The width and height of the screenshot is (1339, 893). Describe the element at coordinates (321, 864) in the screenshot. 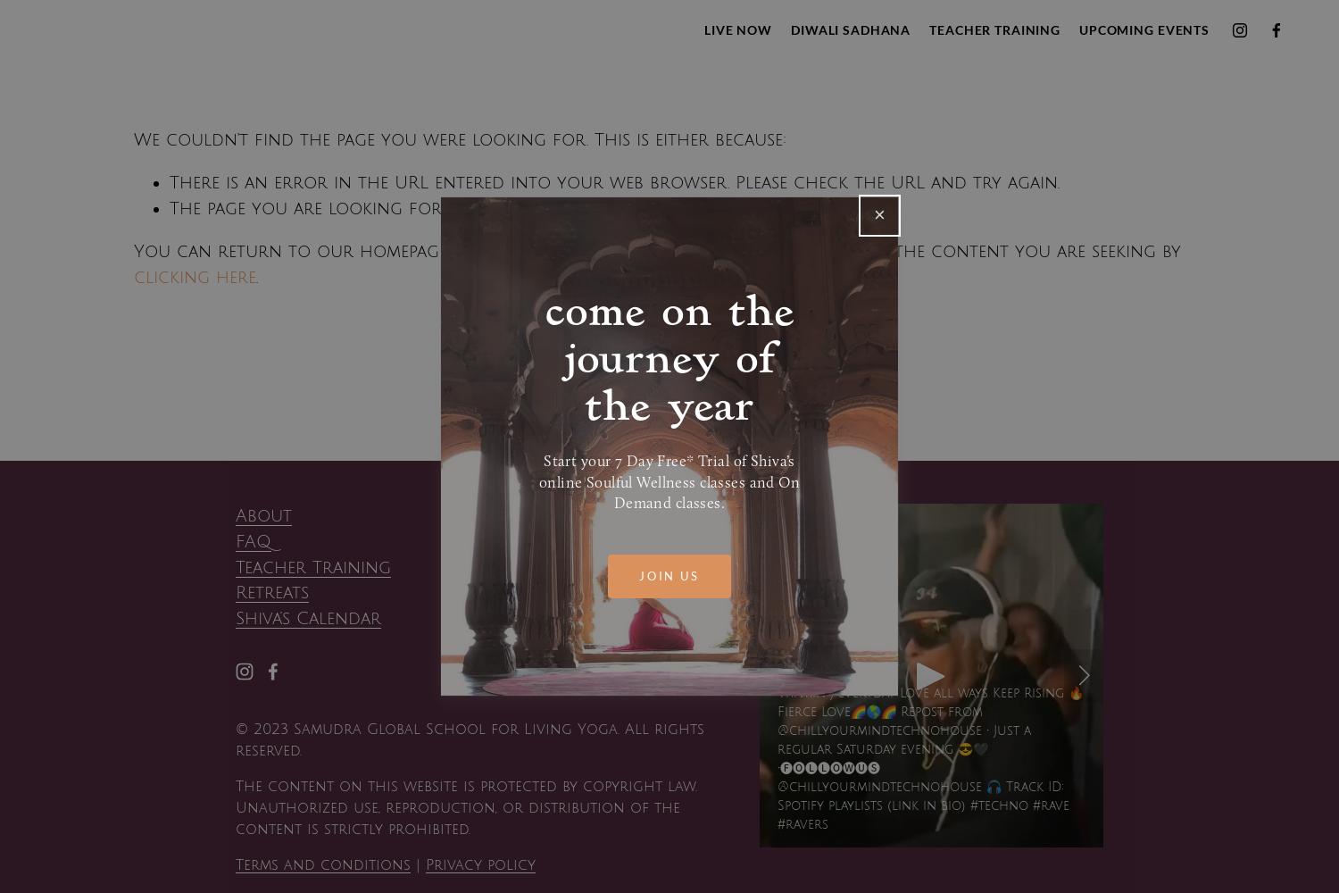

I see `'Terms and conditions'` at that location.